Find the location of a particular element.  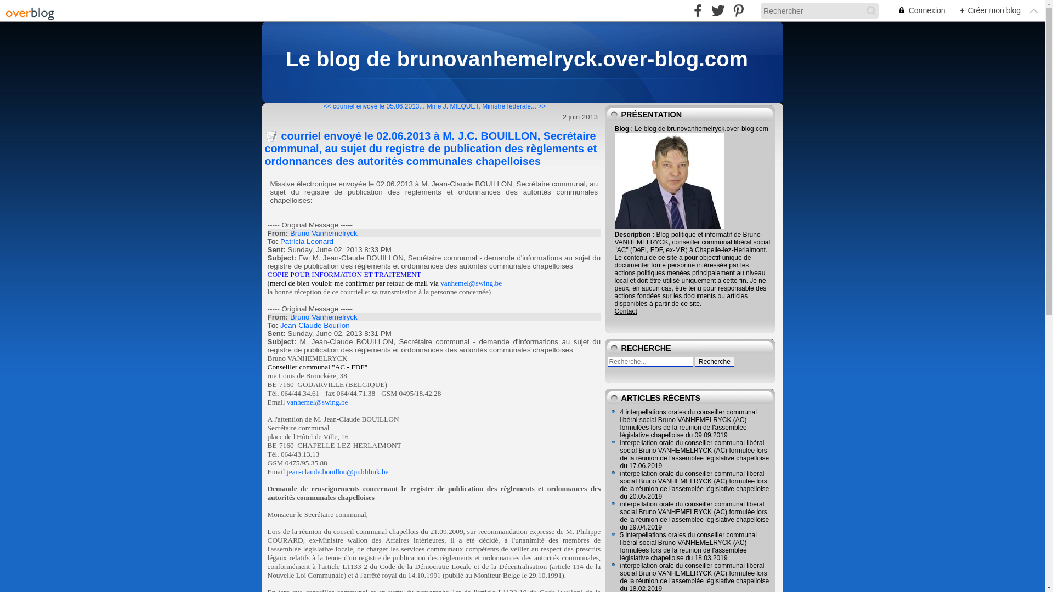

'Jean-Claude Bouillon' is located at coordinates (314, 325).